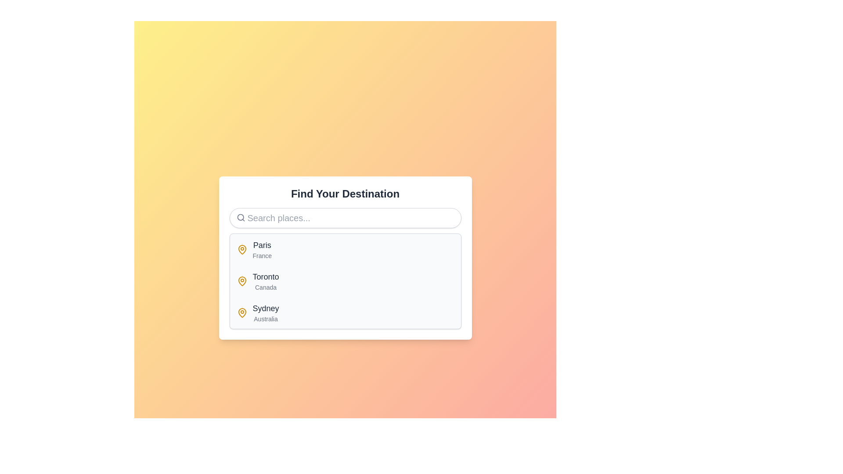 This screenshot has width=843, height=474. I want to click on the inner circle of the magnifying glass icon located near the top left of the search bar, so click(240, 217).